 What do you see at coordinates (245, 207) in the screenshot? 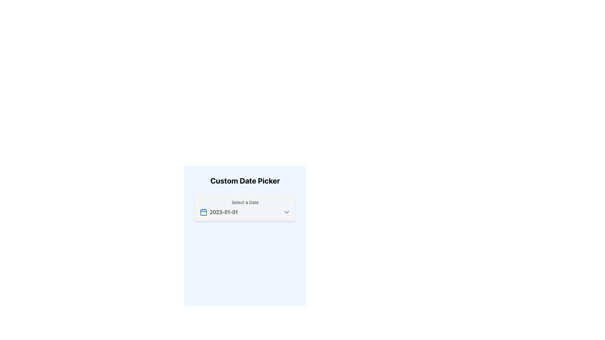
I see `the date picker widget located under the 'Custom Date Picker' title` at bounding box center [245, 207].